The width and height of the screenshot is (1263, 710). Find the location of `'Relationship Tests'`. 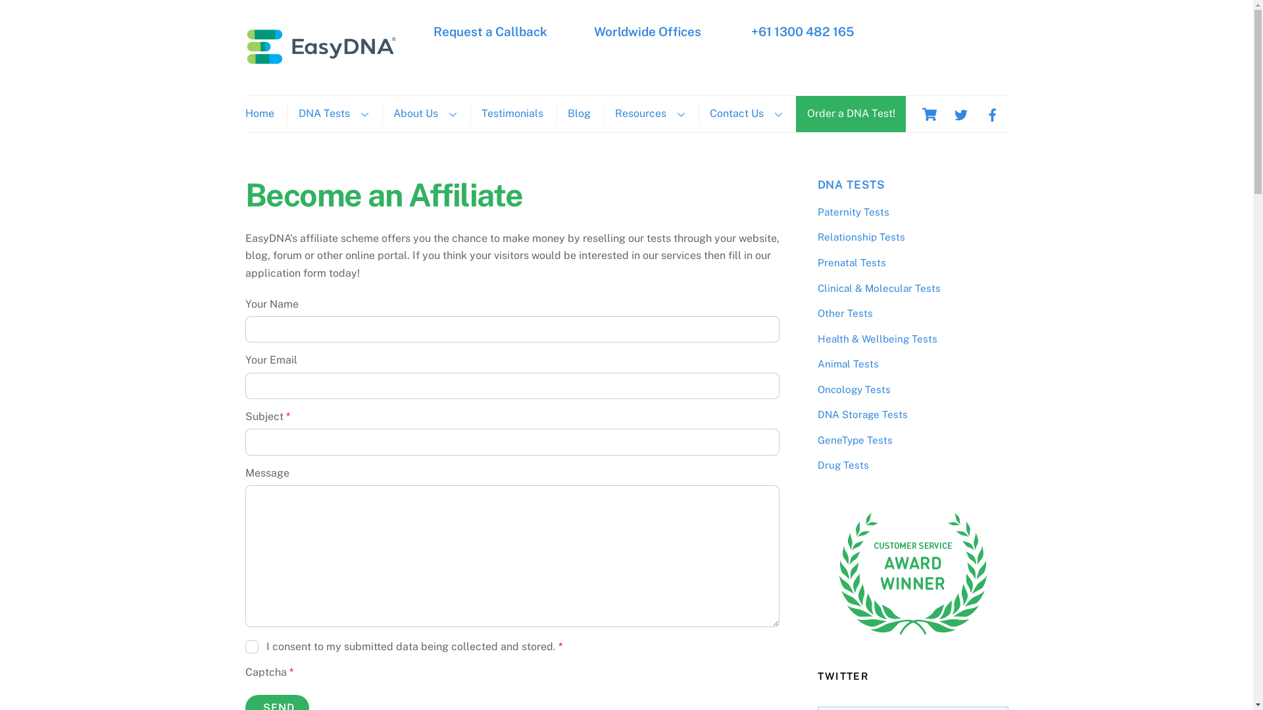

'Relationship Tests' is located at coordinates (860, 237).